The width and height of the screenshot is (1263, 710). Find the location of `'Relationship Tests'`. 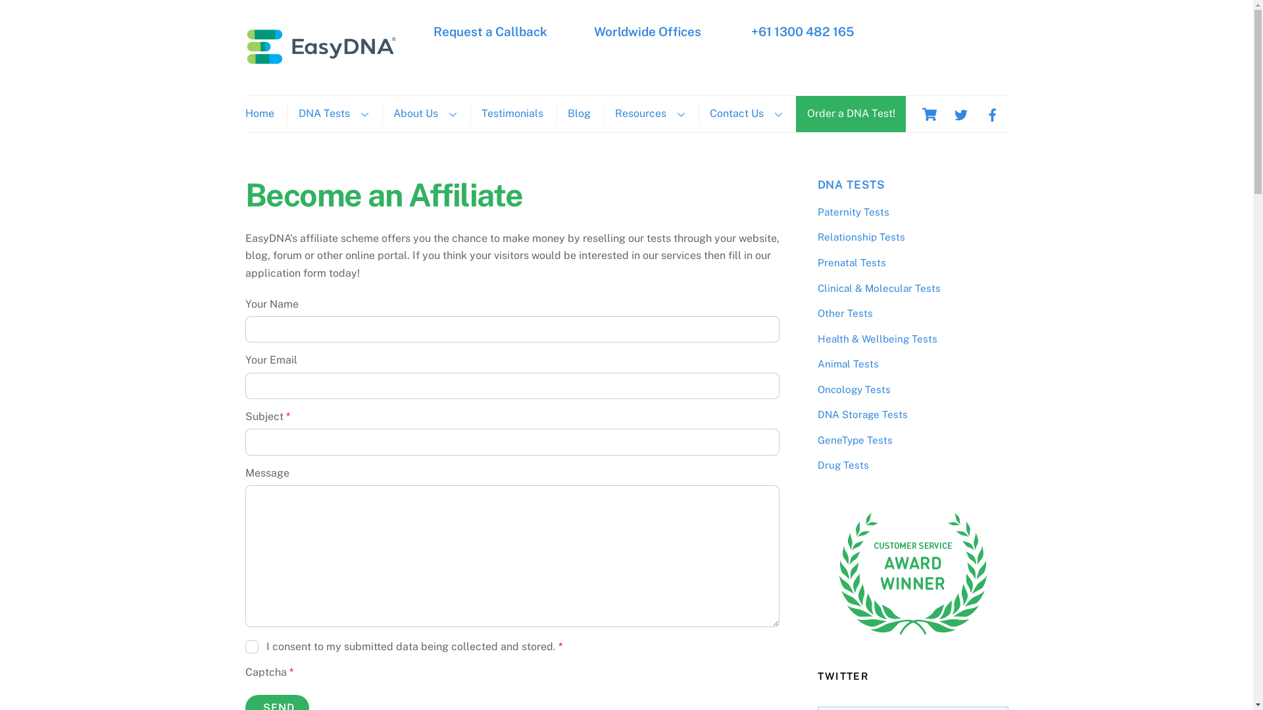

'Relationship Tests' is located at coordinates (860, 237).